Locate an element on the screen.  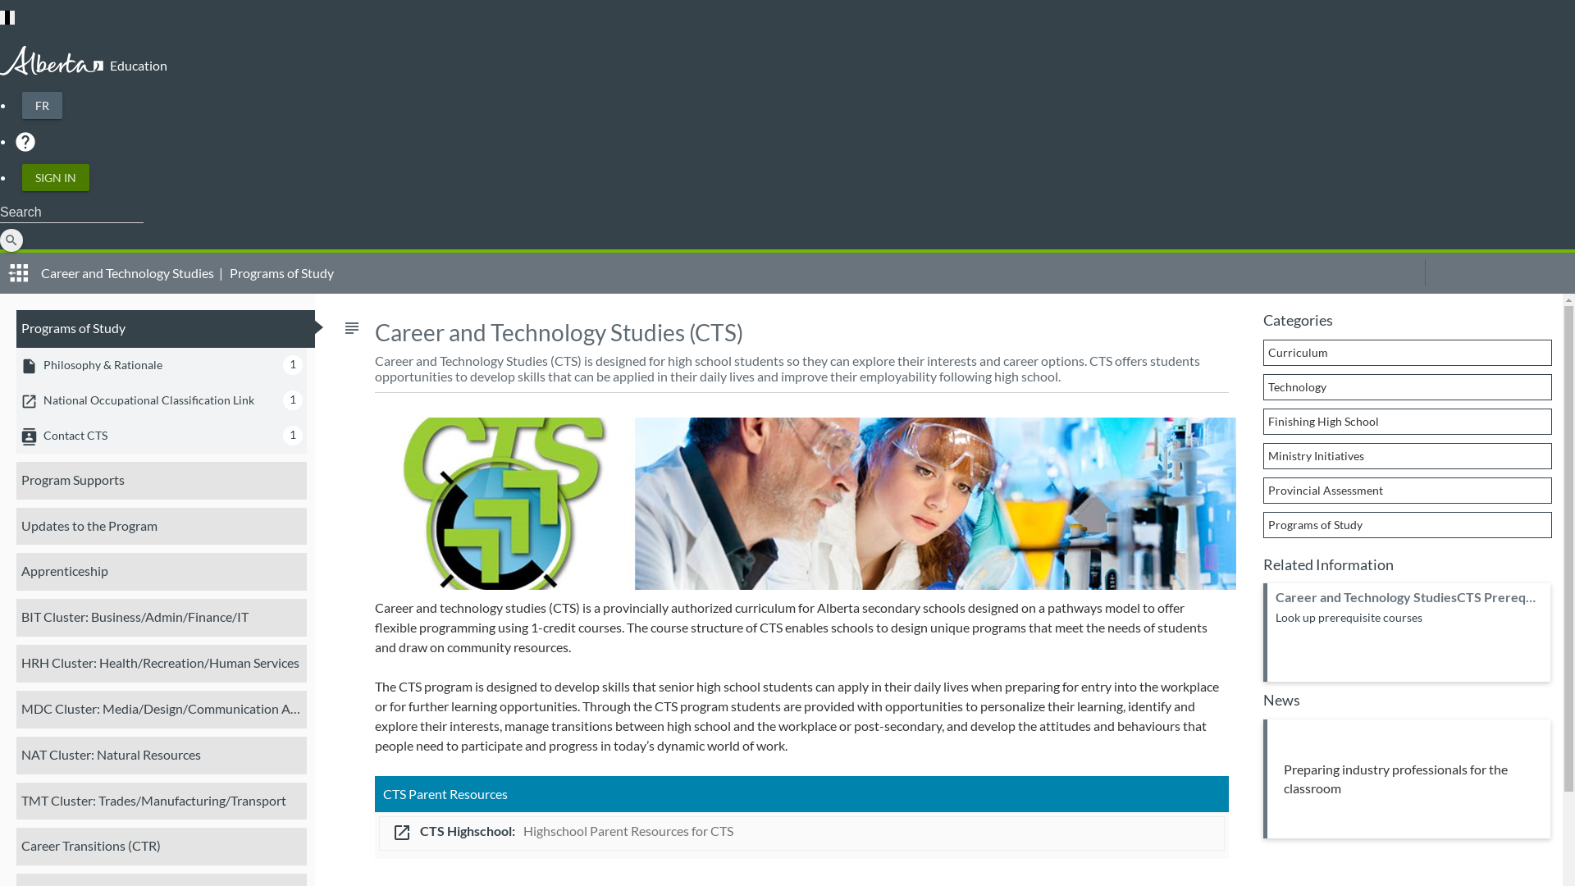
'Career Transitions (CTR)' is located at coordinates (161, 847).